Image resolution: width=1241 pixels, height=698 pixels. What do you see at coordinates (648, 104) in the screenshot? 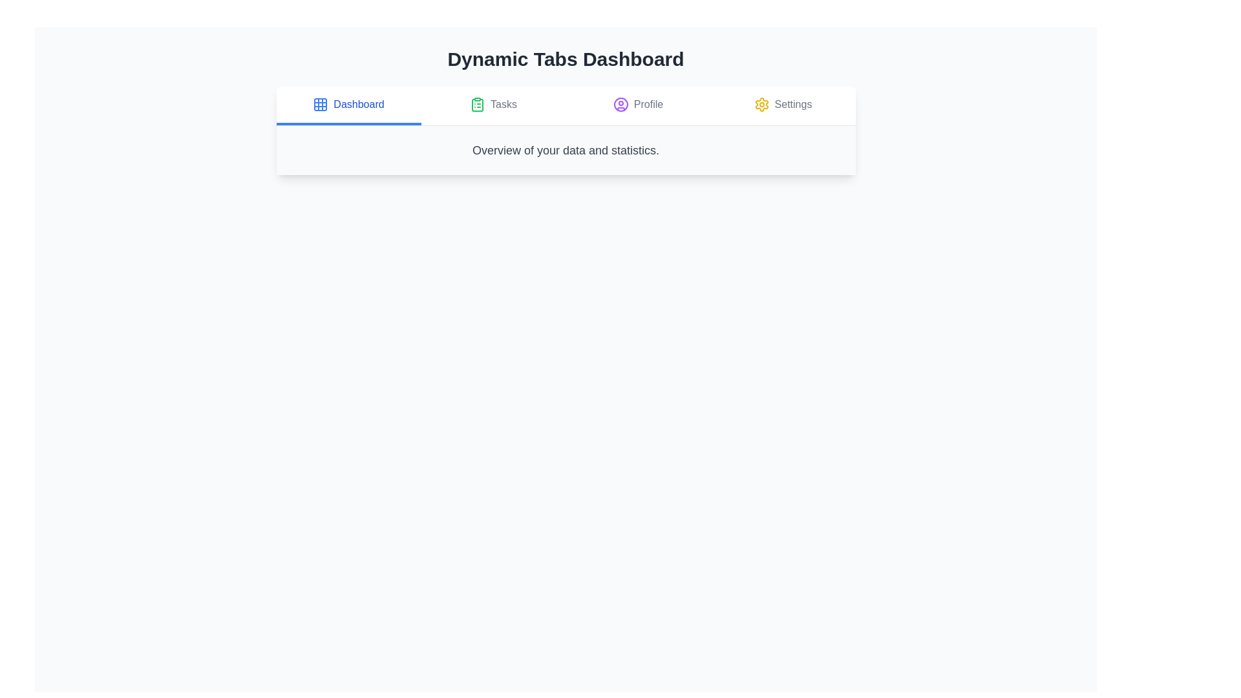
I see `the 'Profile' text label in the navigation menu` at bounding box center [648, 104].